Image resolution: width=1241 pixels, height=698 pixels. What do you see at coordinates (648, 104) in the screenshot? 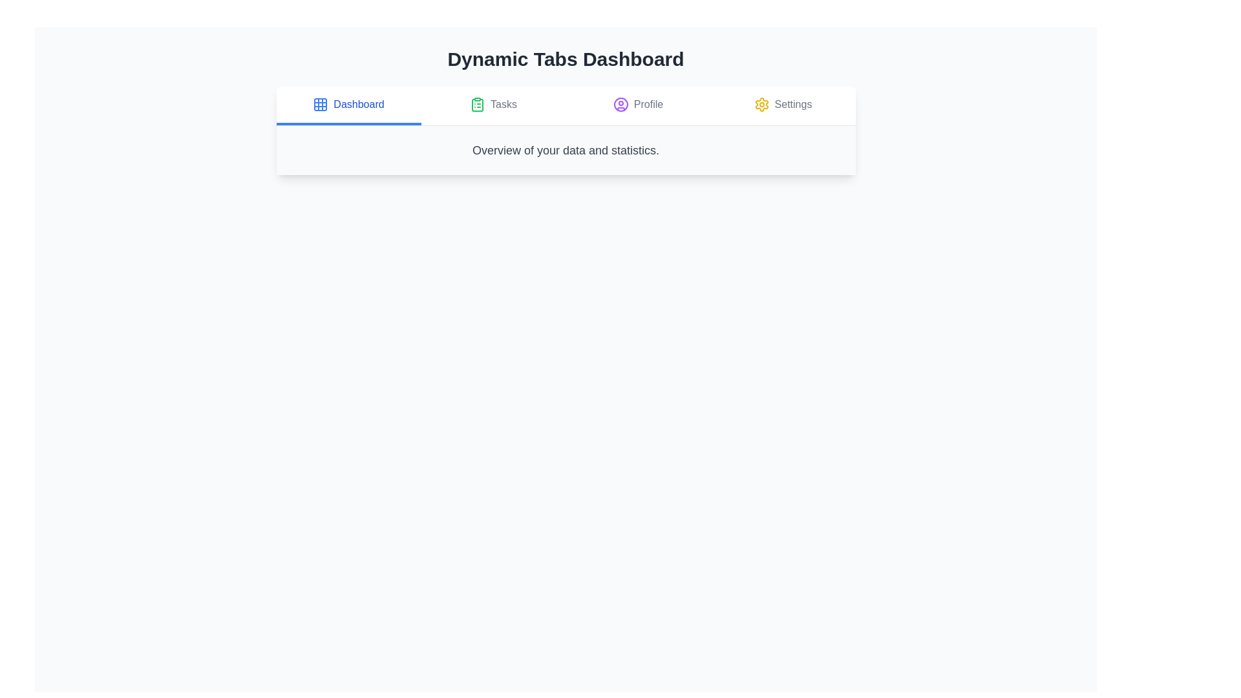
I see `the 'Profile' text label in the navigation menu` at bounding box center [648, 104].